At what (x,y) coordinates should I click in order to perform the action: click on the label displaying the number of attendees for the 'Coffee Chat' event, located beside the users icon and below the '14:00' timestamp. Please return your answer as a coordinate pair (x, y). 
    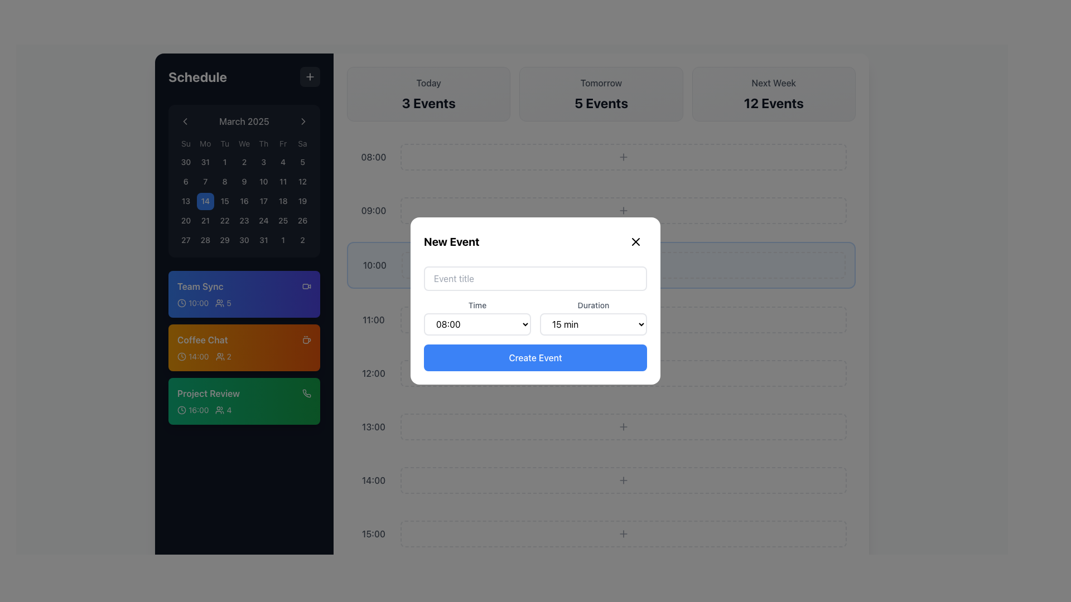
    Looking at the image, I should click on (223, 357).